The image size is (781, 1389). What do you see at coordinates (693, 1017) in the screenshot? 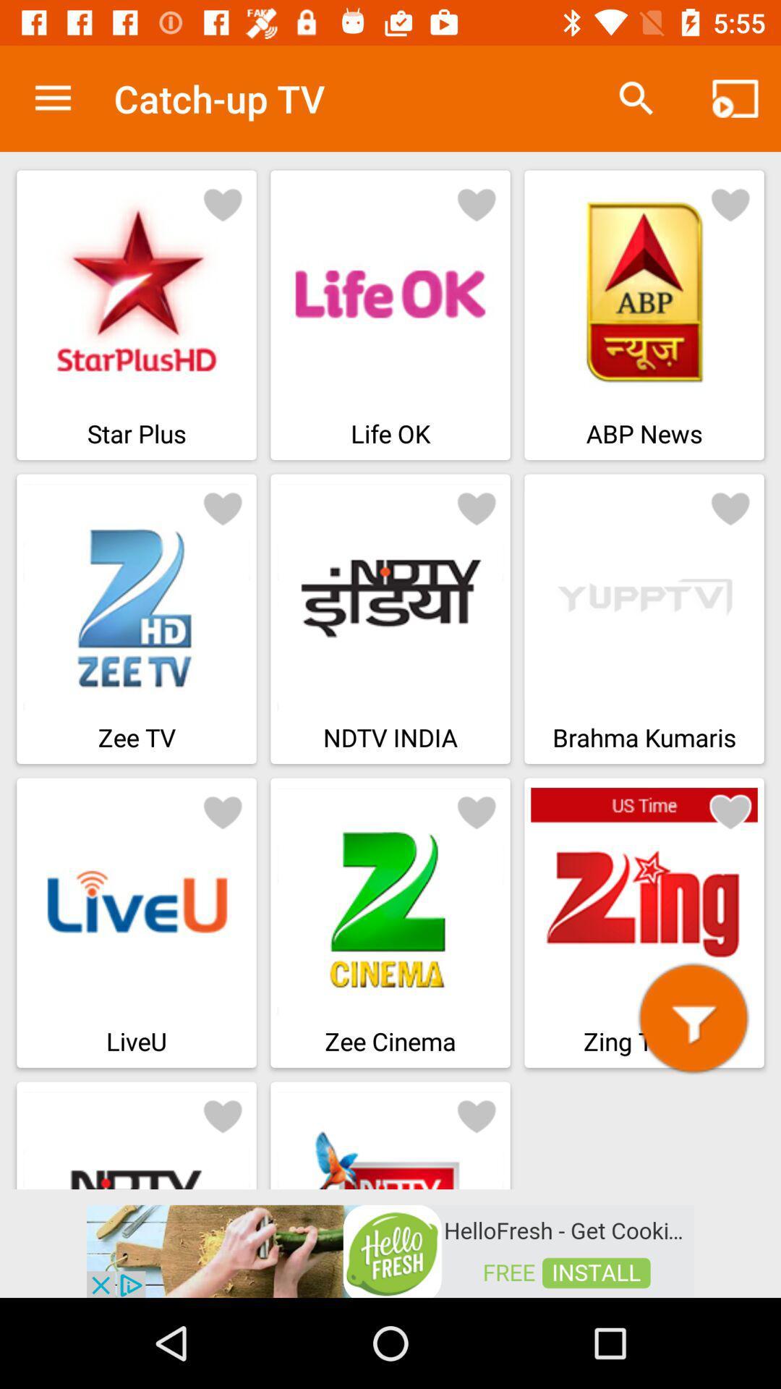
I see `zing` at bounding box center [693, 1017].